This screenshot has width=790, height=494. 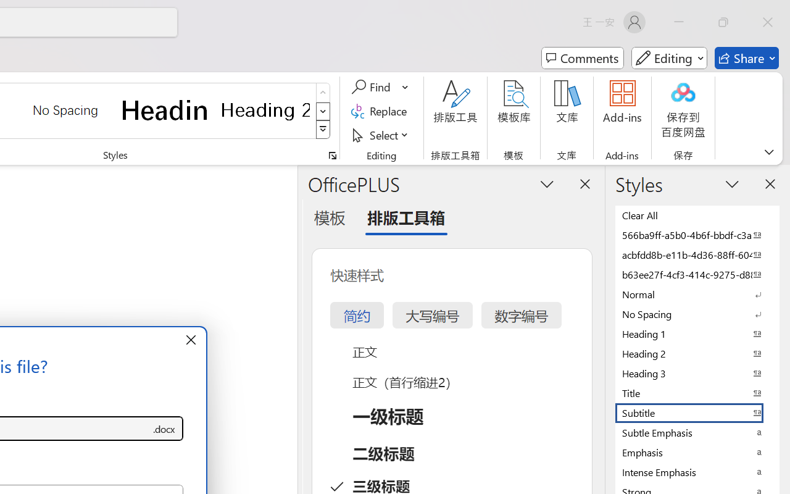 What do you see at coordinates (332, 155) in the screenshot?
I see `'Styles...'` at bounding box center [332, 155].